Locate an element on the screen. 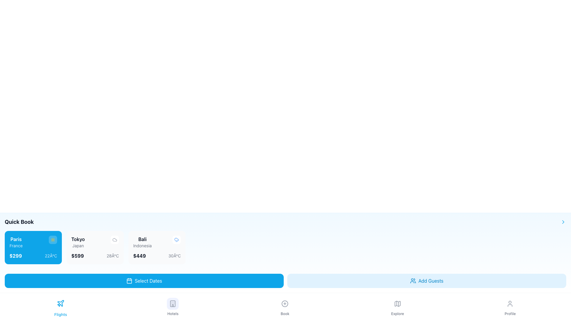 This screenshot has width=571, height=321. the navigation button on the far right of the bottom navigation bar is located at coordinates (510, 307).